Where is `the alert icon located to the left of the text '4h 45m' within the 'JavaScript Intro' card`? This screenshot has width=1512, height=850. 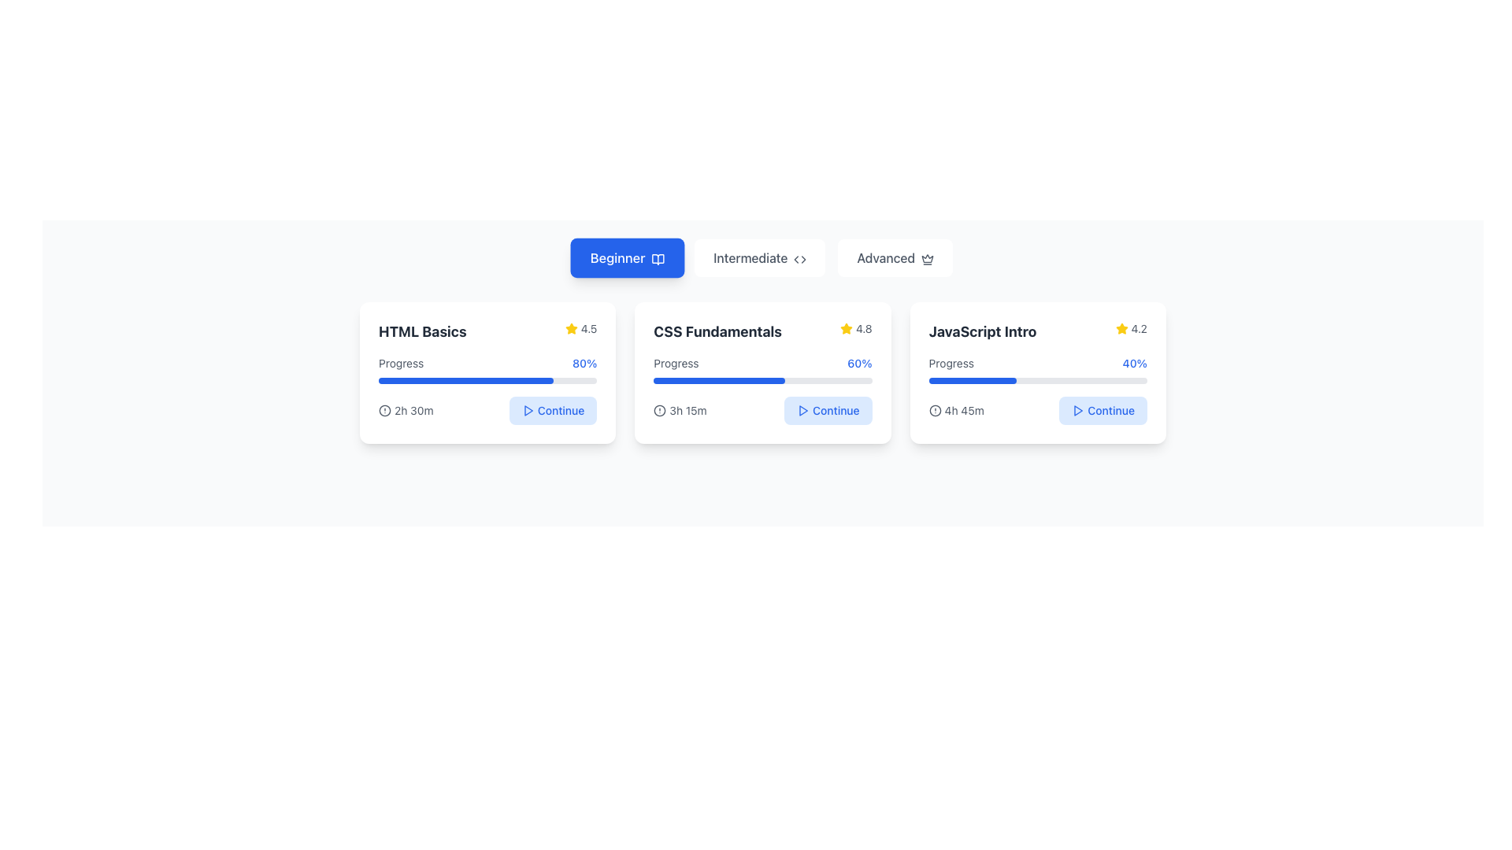 the alert icon located to the left of the text '4h 45m' within the 'JavaScript Intro' card is located at coordinates (935, 409).